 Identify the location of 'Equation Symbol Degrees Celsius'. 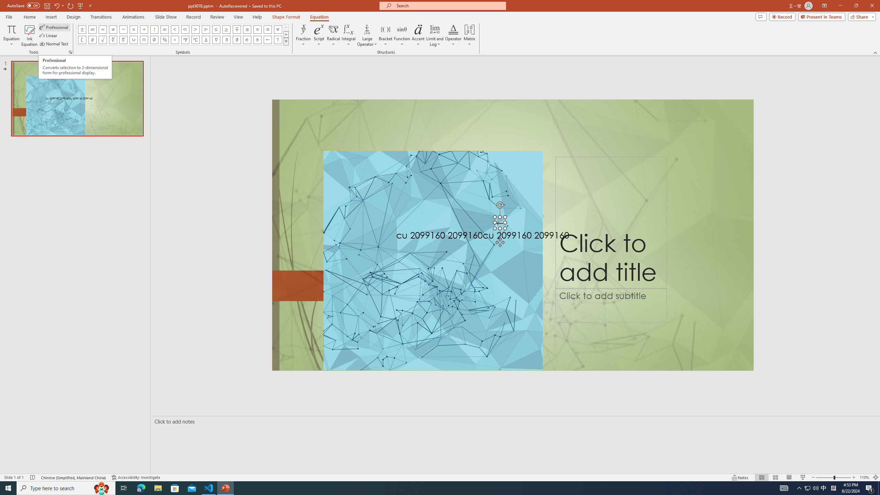
(195, 39).